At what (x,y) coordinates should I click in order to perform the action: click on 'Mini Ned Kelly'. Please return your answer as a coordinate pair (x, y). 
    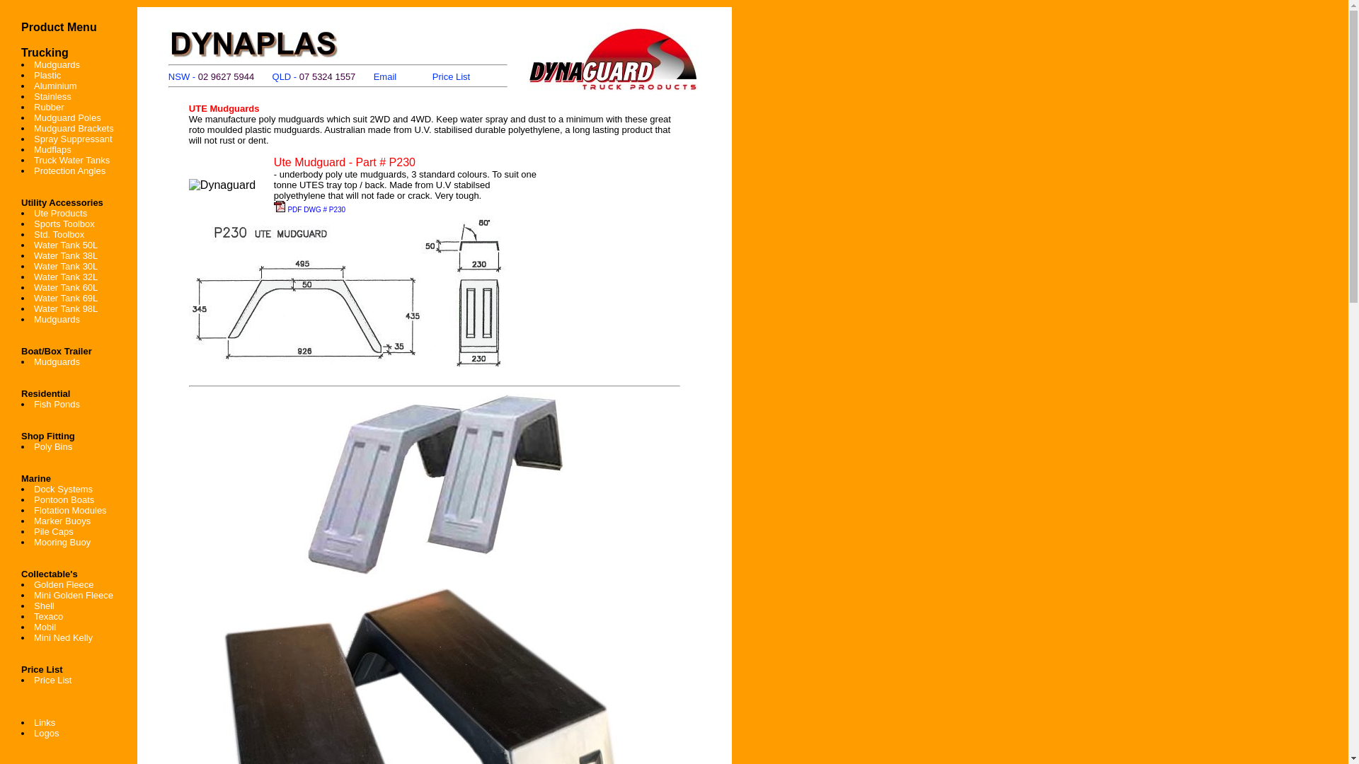
    Looking at the image, I should click on (62, 637).